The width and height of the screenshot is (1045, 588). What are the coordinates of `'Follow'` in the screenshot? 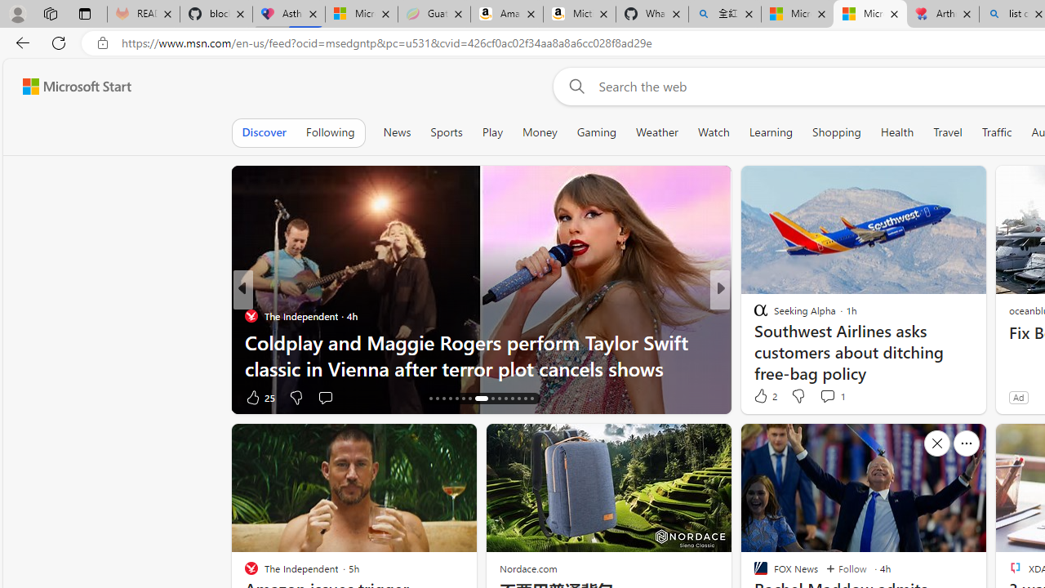 It's located at (846, 568).